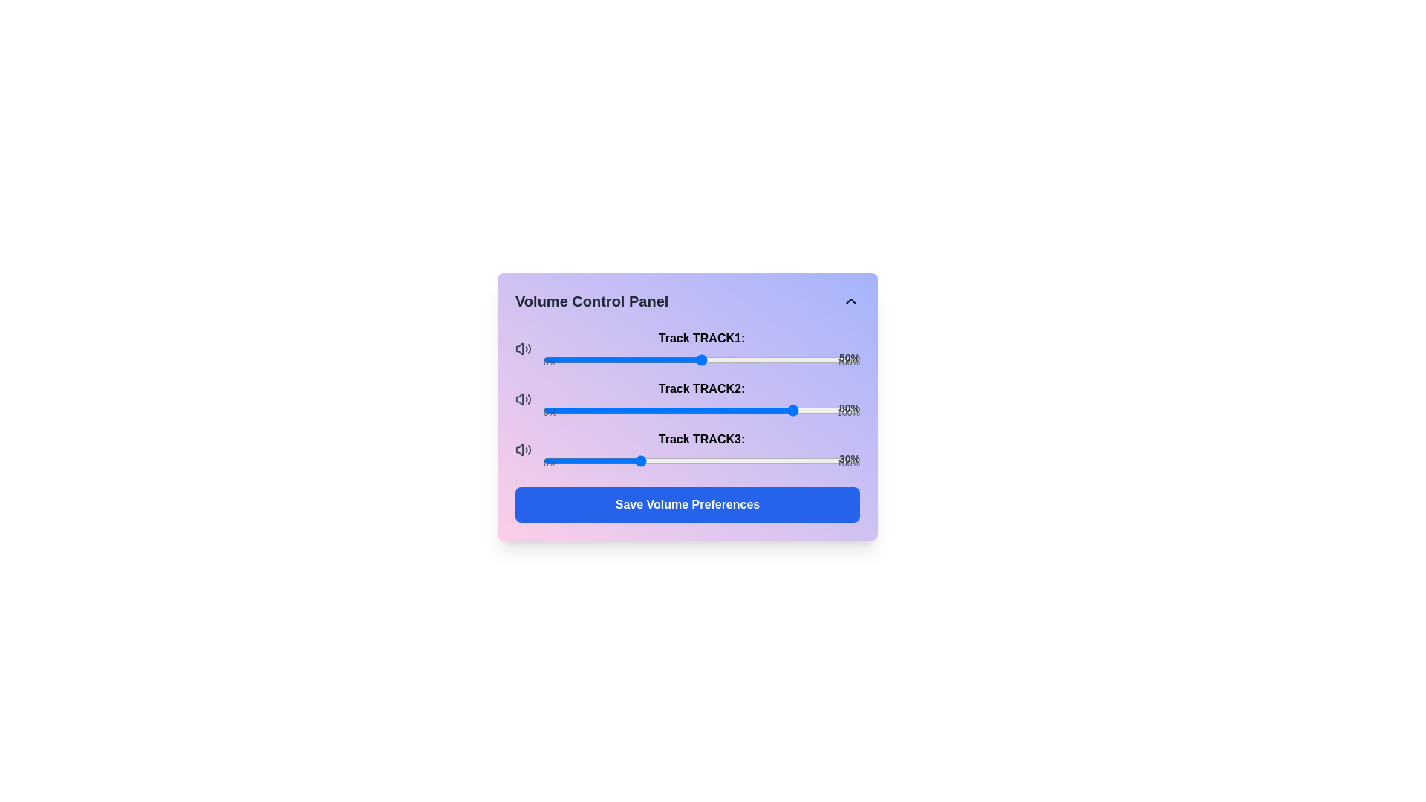 The width and height of the screenshot is (1426, 802). Describe the element at coordinates (607, 460) in the screenshot. I see `the slider value` at that location.